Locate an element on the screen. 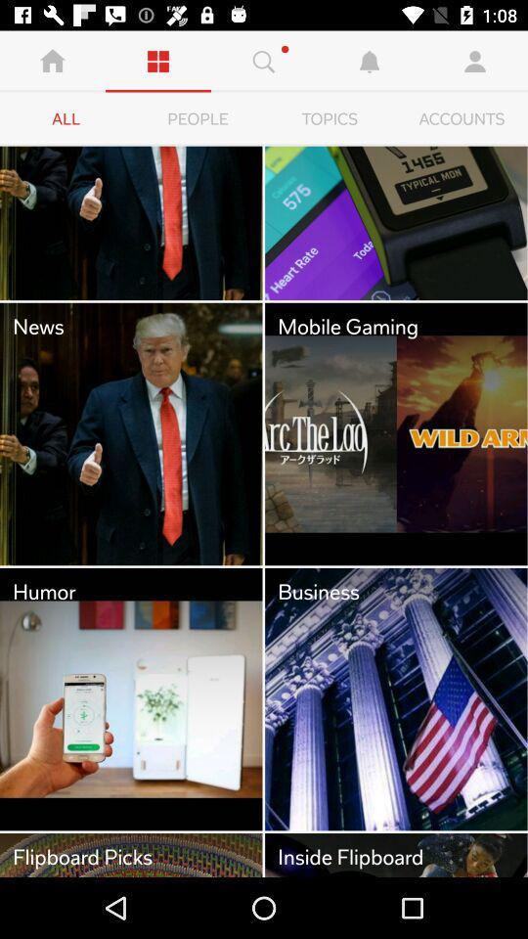 The width and height of the screenshot is (528, 939). the fourth image of the page is located at coordinates (396, 434).